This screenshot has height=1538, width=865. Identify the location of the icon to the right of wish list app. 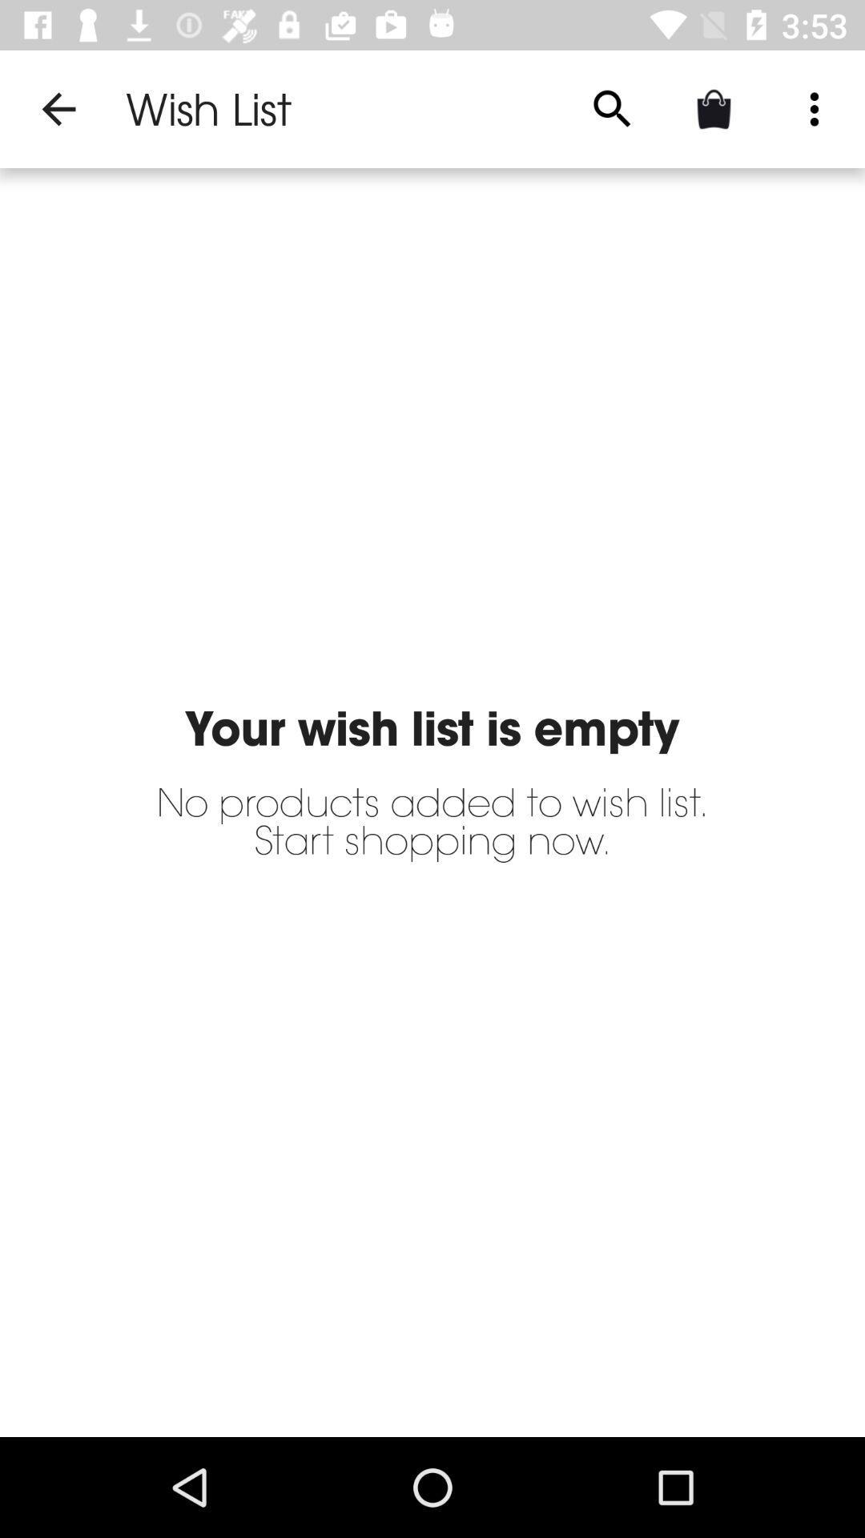
(612, 108).